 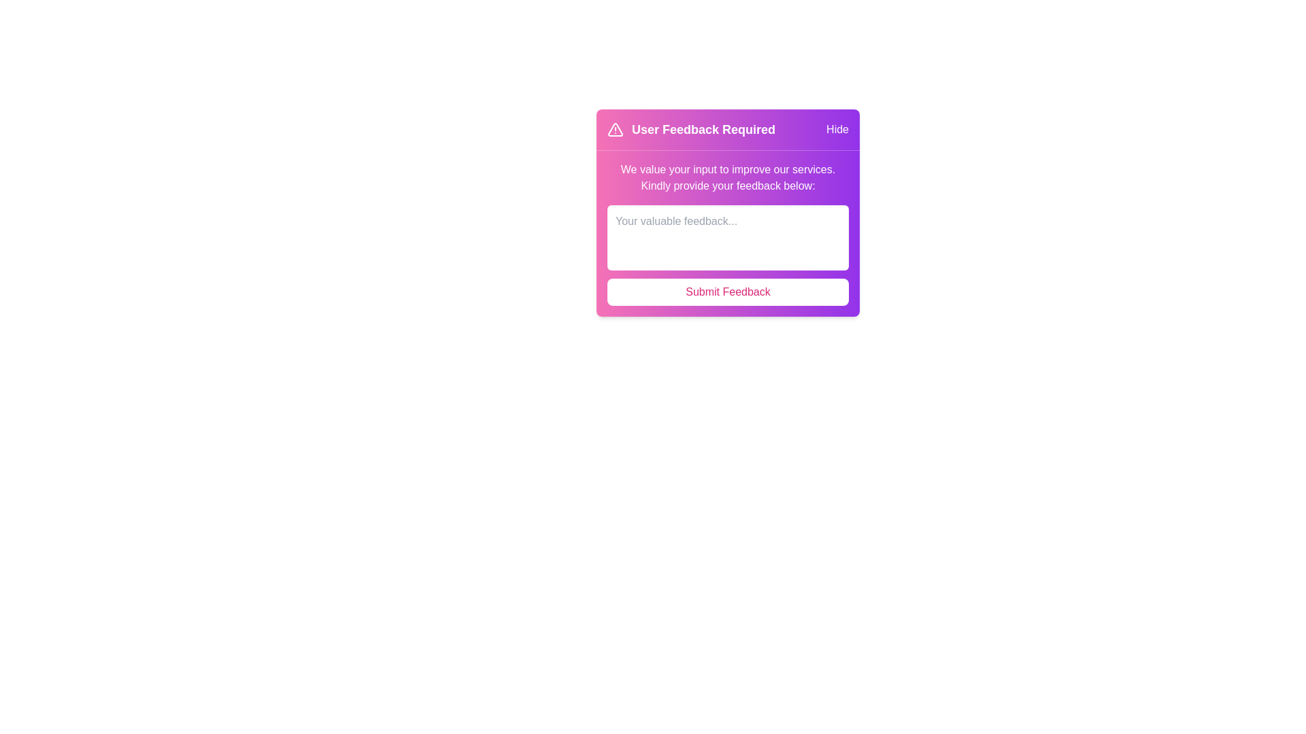 I want to click on the feedback text area and type the text 'Your valuable feedback', so click(x=727, y=237).